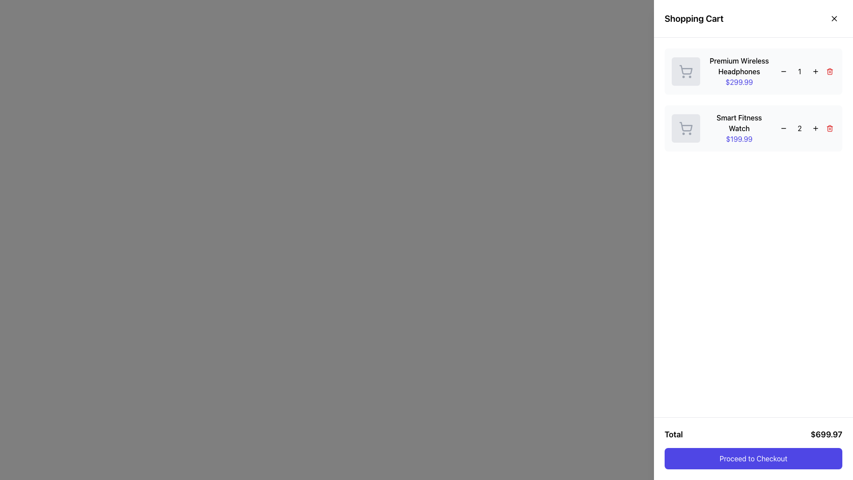  Describe the element at coordinates (833, 19) in the screenshot. I see `the dismiss button located at the far right side of the header bar in the shopping cart interface to observe the hover effect` at that location.